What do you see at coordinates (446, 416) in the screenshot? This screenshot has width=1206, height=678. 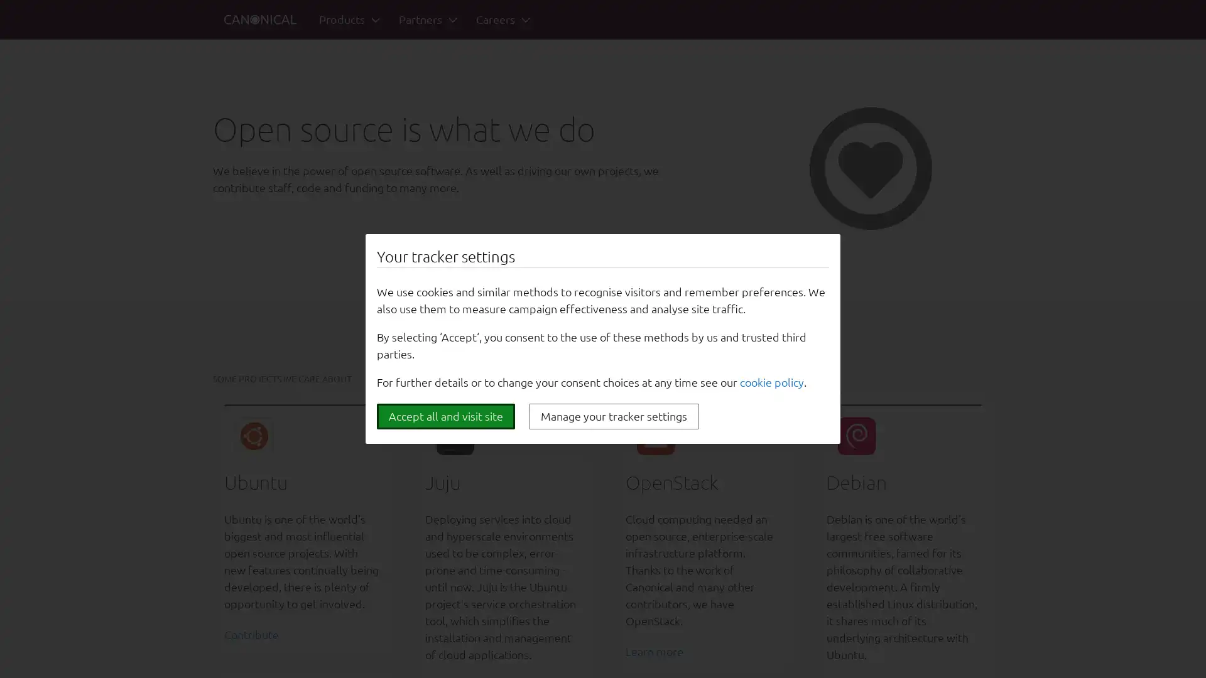 I see `Accept all and visit site` at bounding box center [446, 416].